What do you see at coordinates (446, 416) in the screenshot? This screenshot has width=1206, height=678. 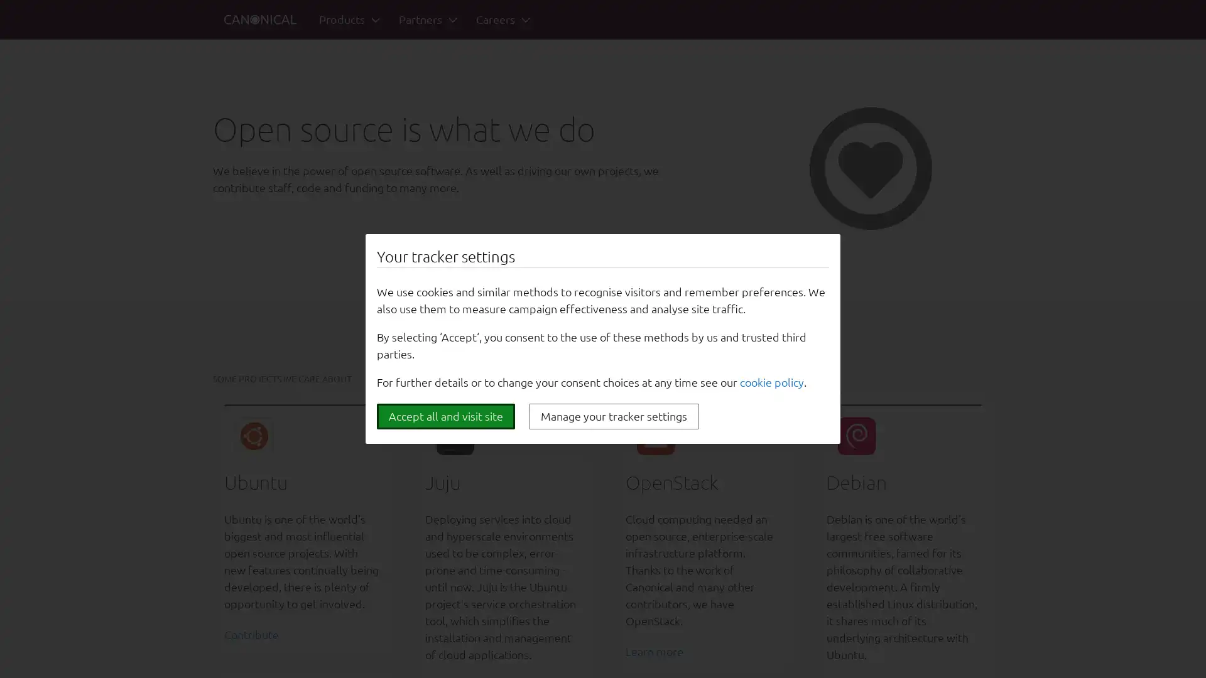 I see `Accept all and visit site` at bounding box center [446, 416].